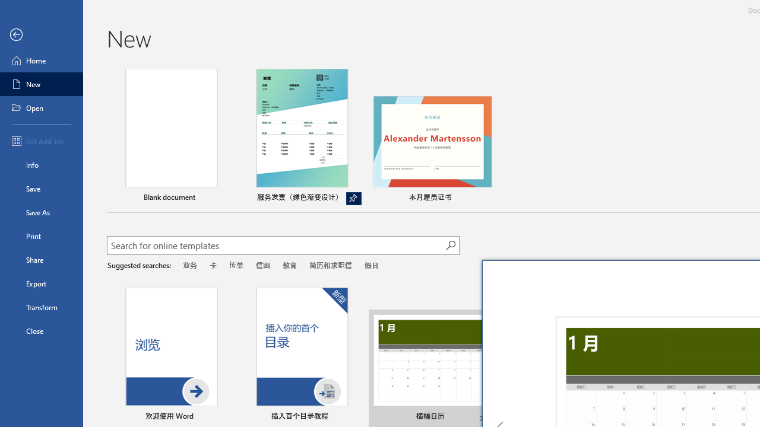 The height and width of the screenshot is (427, 760). What do you see at coordinates (41, 164) in the screenshot?
I see `'Info'` at bounding box center [41, 164].